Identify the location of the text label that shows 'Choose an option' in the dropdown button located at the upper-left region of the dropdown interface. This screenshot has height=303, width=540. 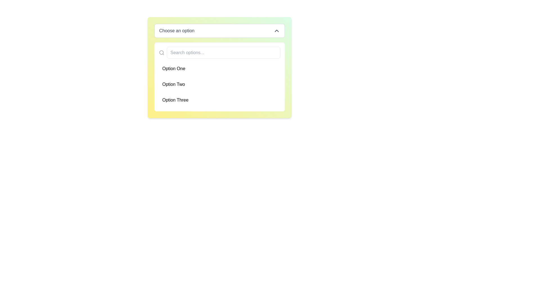
(176, 31).